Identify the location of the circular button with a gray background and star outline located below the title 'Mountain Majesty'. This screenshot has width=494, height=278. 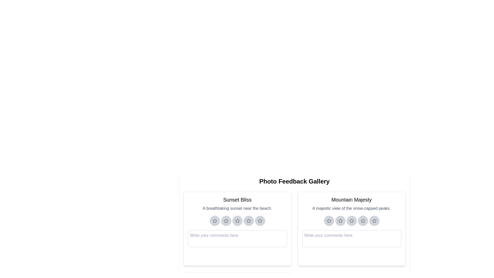
(329, 220).